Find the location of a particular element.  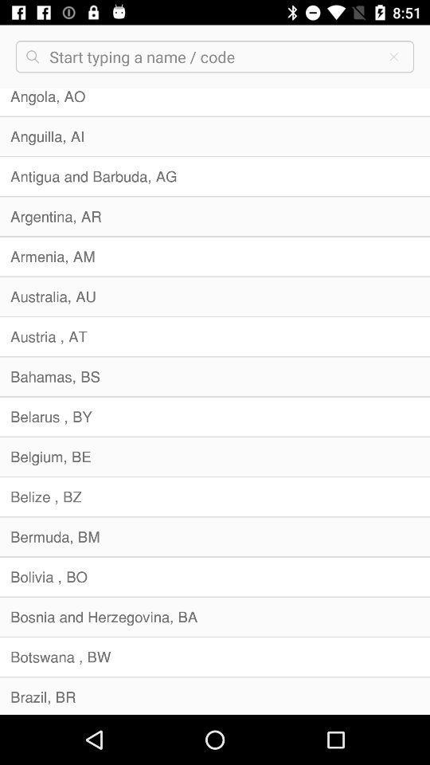

box for entering a name or a code is located at coordinates (212, 57).